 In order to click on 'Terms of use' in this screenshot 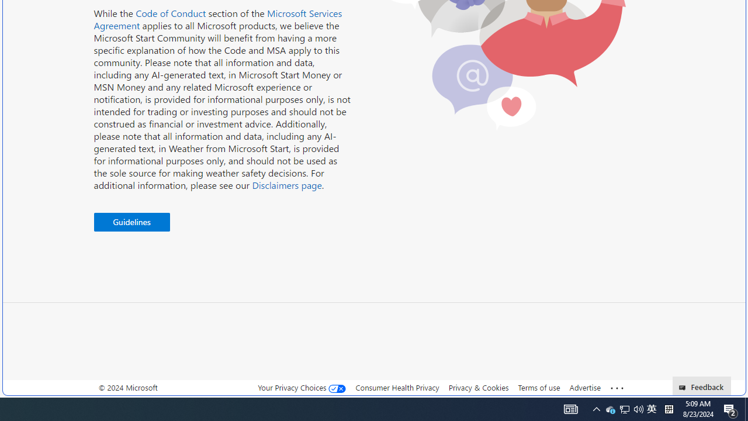, I will do `click(538, 387)`.